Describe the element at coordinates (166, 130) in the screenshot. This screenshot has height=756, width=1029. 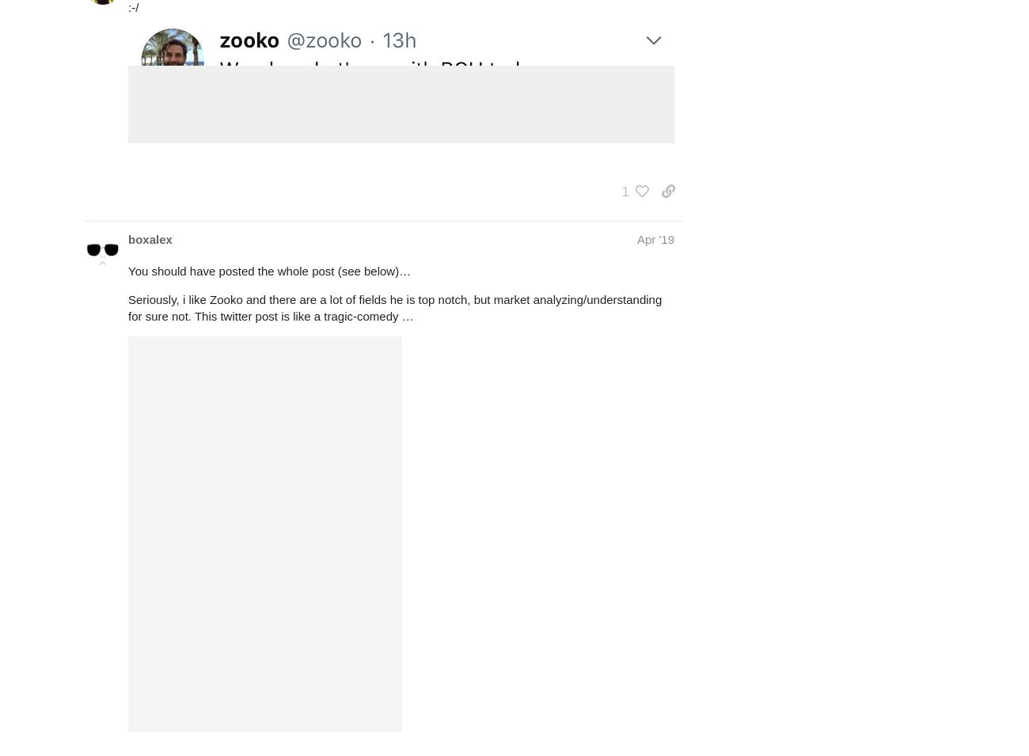
I see `'image'` at that location.